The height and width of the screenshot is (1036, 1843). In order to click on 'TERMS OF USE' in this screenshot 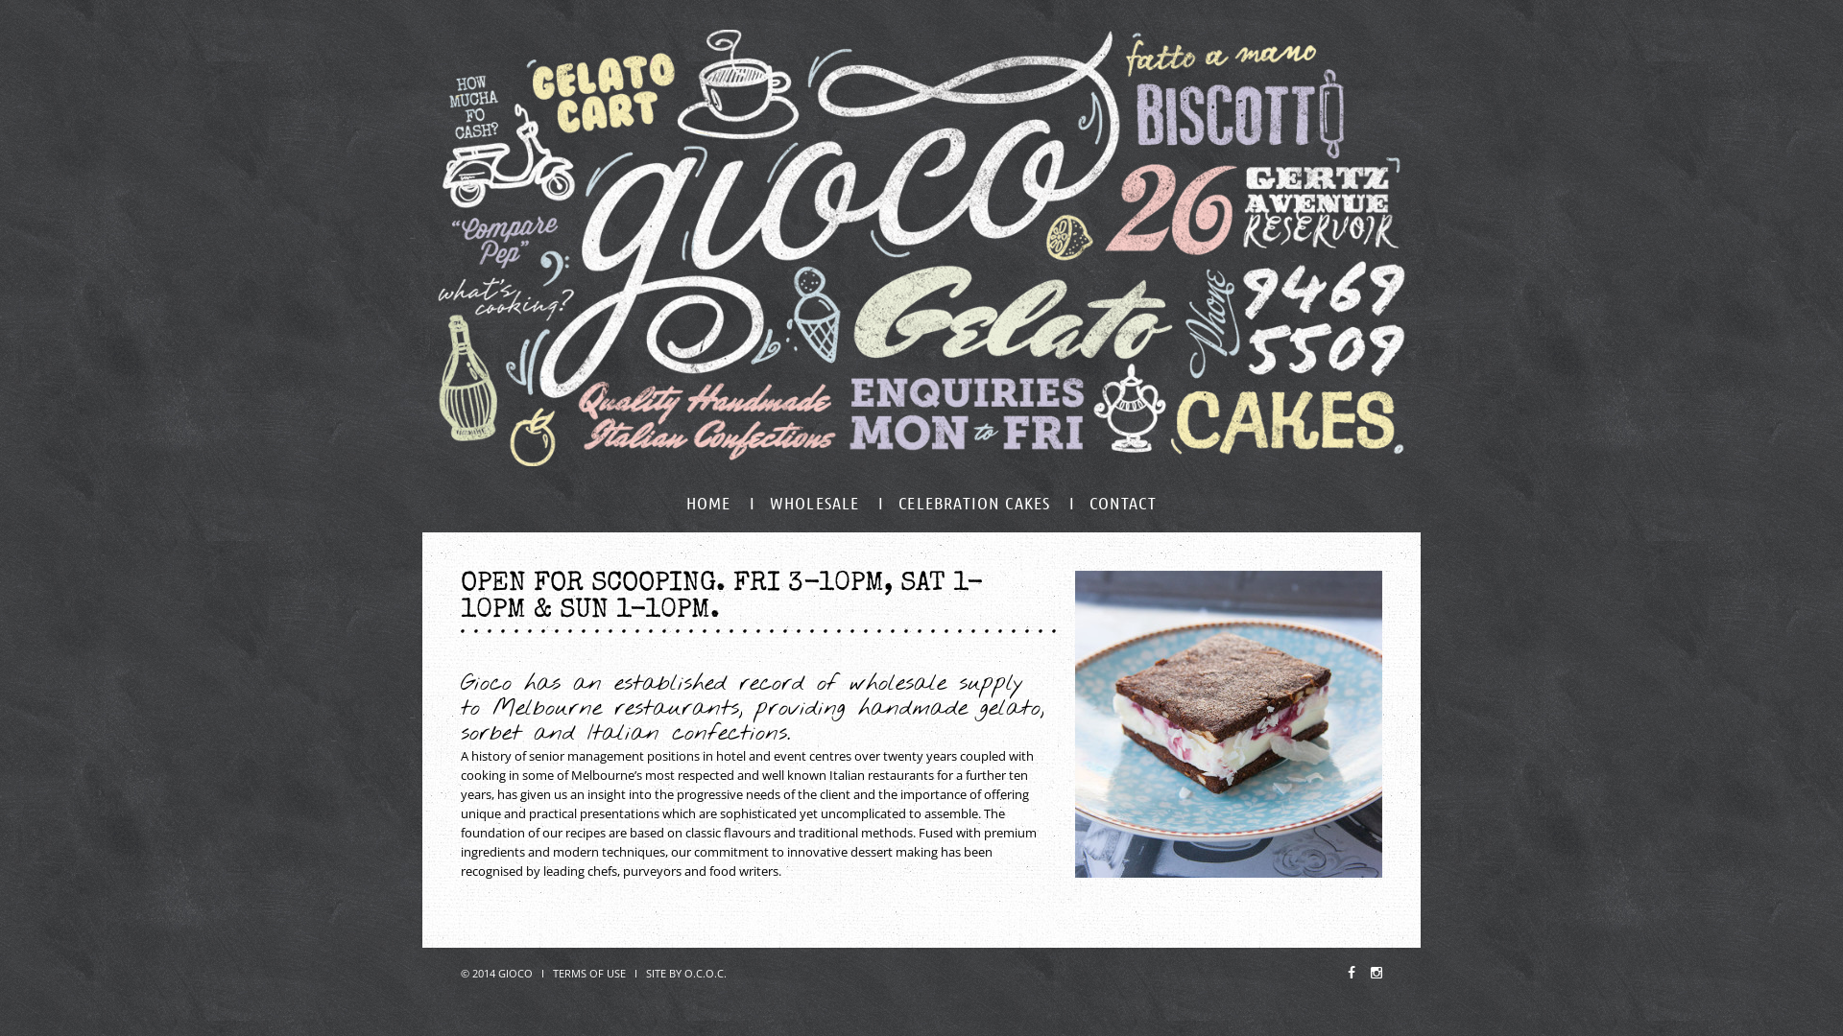, I will do `click(552, 973)`.